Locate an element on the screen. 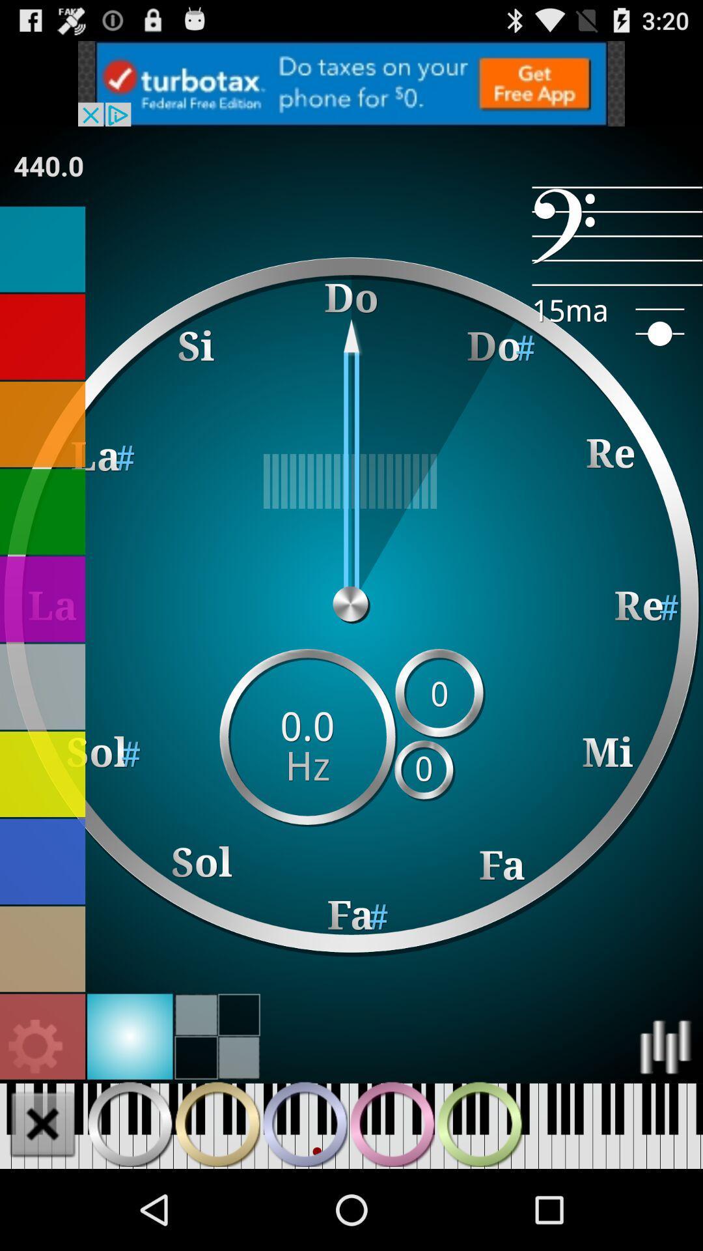  the pause icon is located at coordinates (130, 1202).